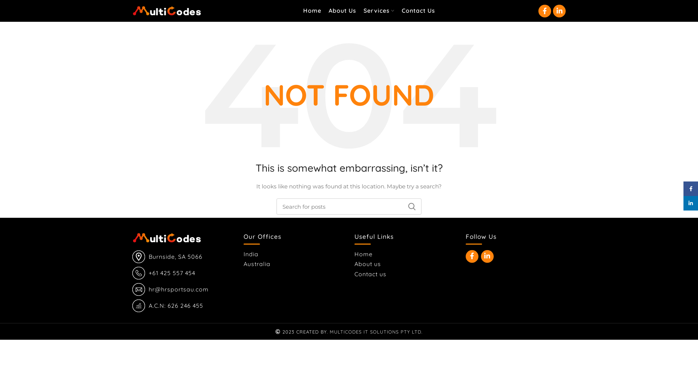  What do you see at coordinates (139, 289) in the screenshot?
I see `'mail-new'` at bounding box center [139, 289].